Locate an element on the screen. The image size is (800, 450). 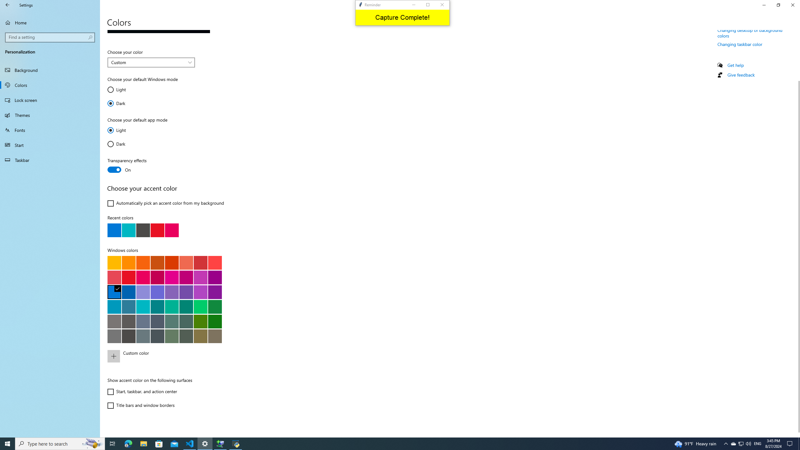
'Cool blue bright' is located at coordinates (114, 306).